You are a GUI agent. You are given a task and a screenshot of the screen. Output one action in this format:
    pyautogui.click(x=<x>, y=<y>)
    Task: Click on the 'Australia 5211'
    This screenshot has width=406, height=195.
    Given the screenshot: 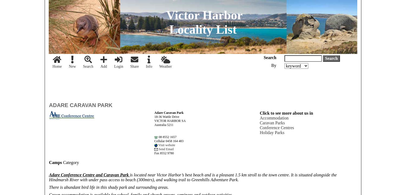 What is the action you would take?
    pyautogui.click(x=163, y=125)
    